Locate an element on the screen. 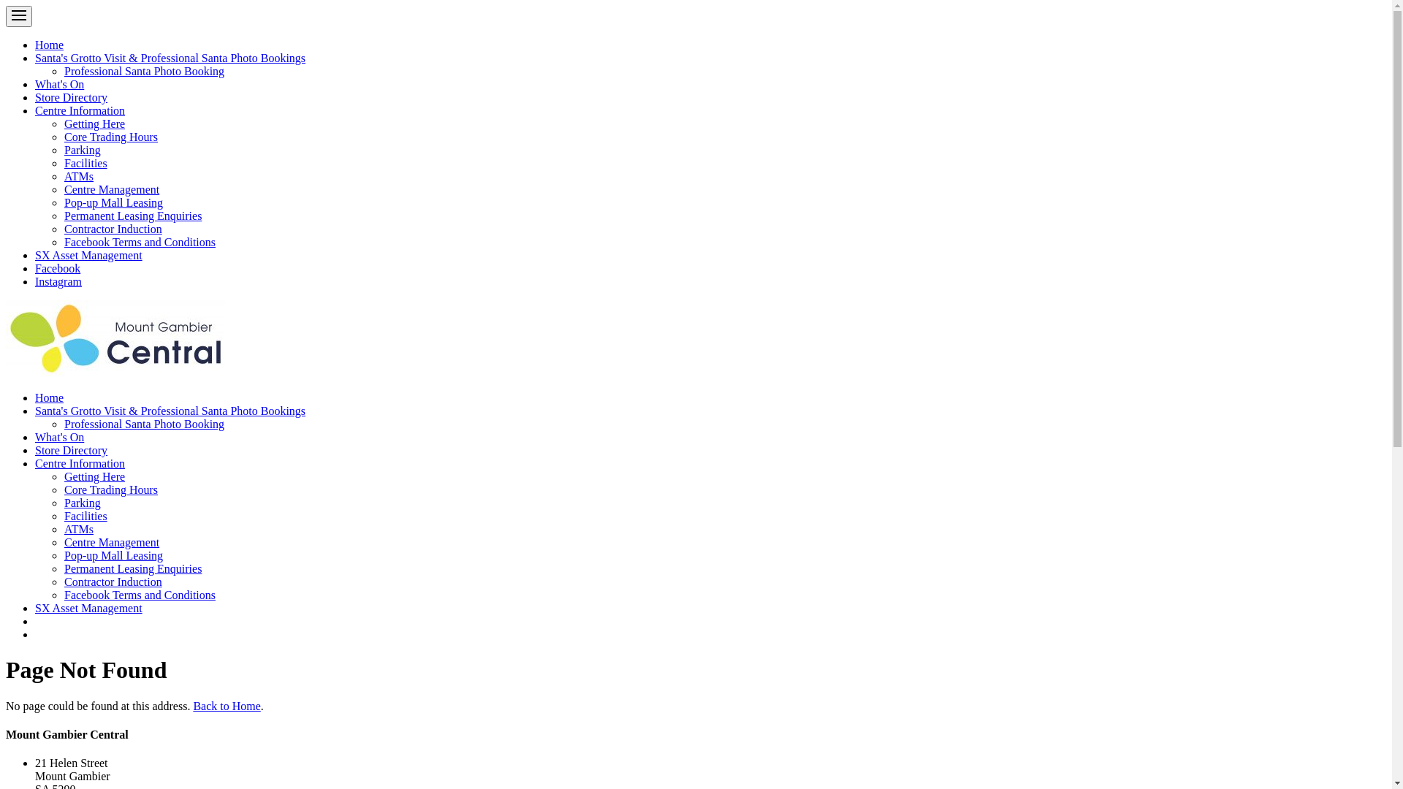  'Santa's Grotto Visit & Professional Santa Photo Bookings' is located at coordinates (170, 57).